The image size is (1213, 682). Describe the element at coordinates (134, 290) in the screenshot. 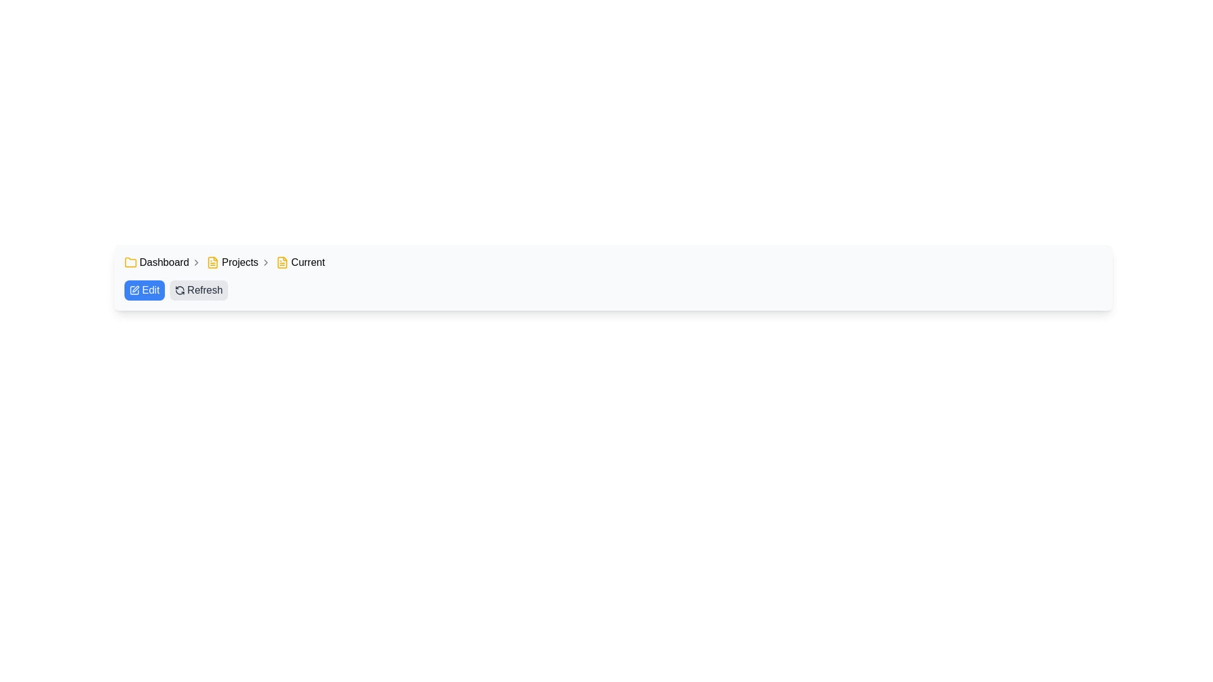

I see `the 'Edit' button icon, which visually represents the editing capability and is positioned as the left-most content within the button at the bottom-left of the interface` at that location.